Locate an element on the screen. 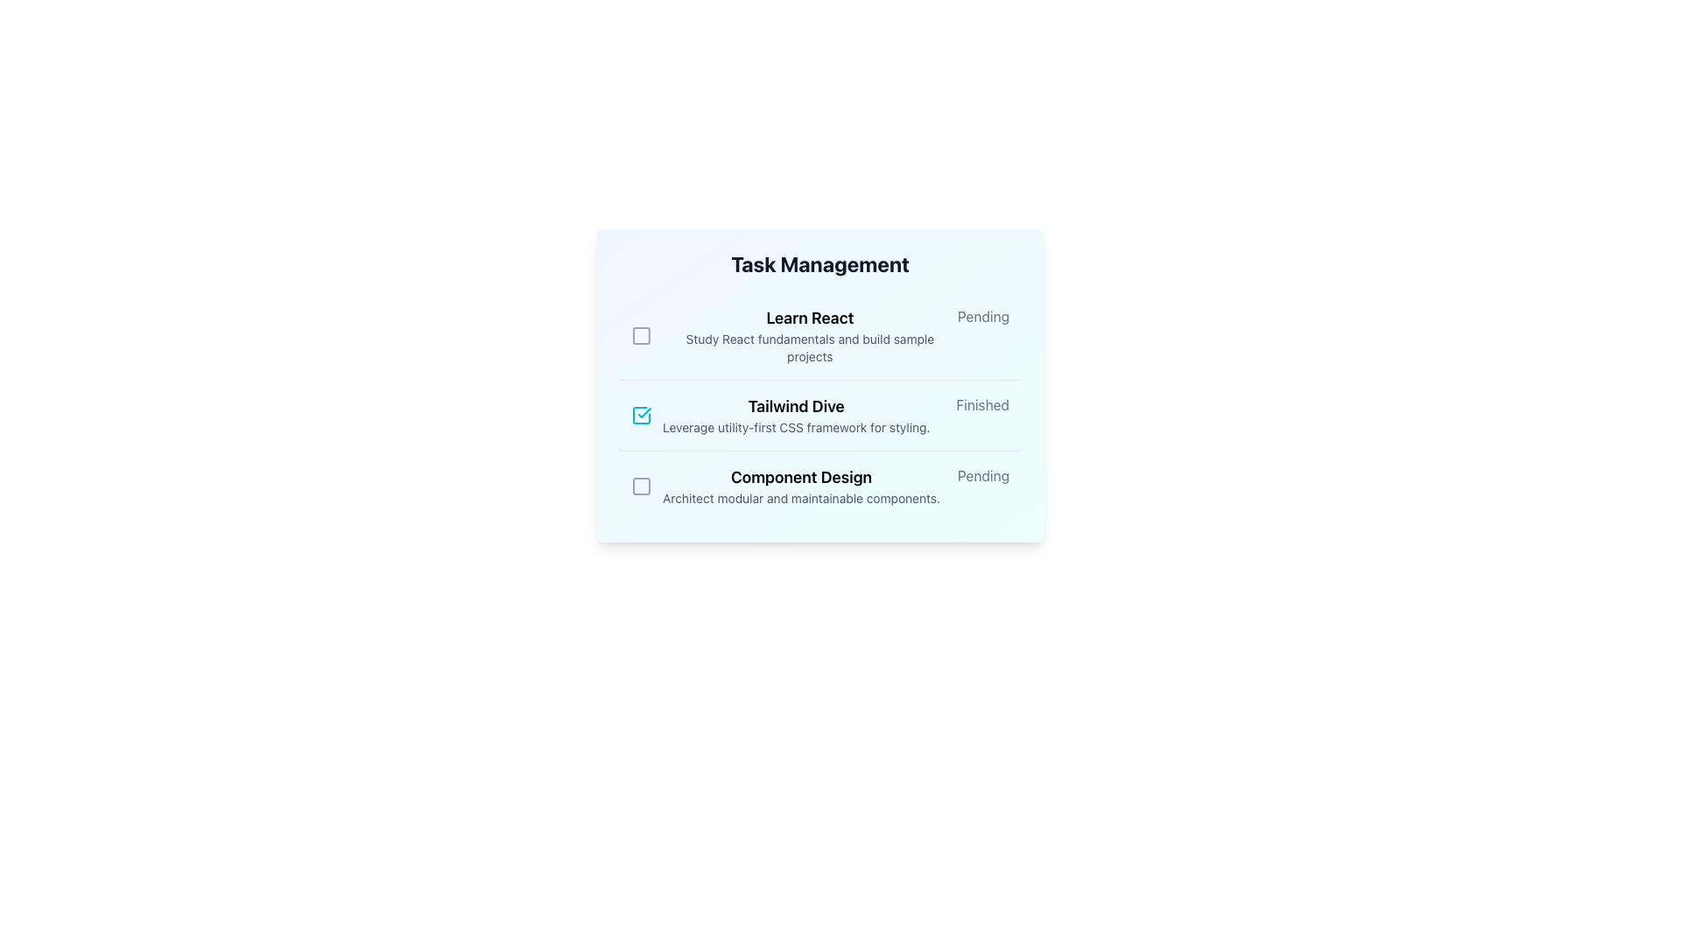 Image resolution: width=1681 pixels, height=945 pixels. the task title text located in the second row of the task list under 'Task Management' for navigation or detailed view is located at coordinates (795, 407).